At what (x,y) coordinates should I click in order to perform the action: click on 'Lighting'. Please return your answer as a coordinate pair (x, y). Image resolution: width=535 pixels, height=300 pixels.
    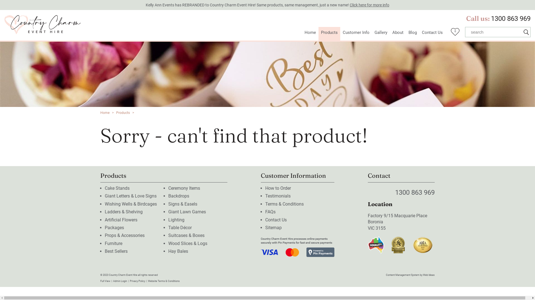
    Looking at the image, I should click on (168, 219).